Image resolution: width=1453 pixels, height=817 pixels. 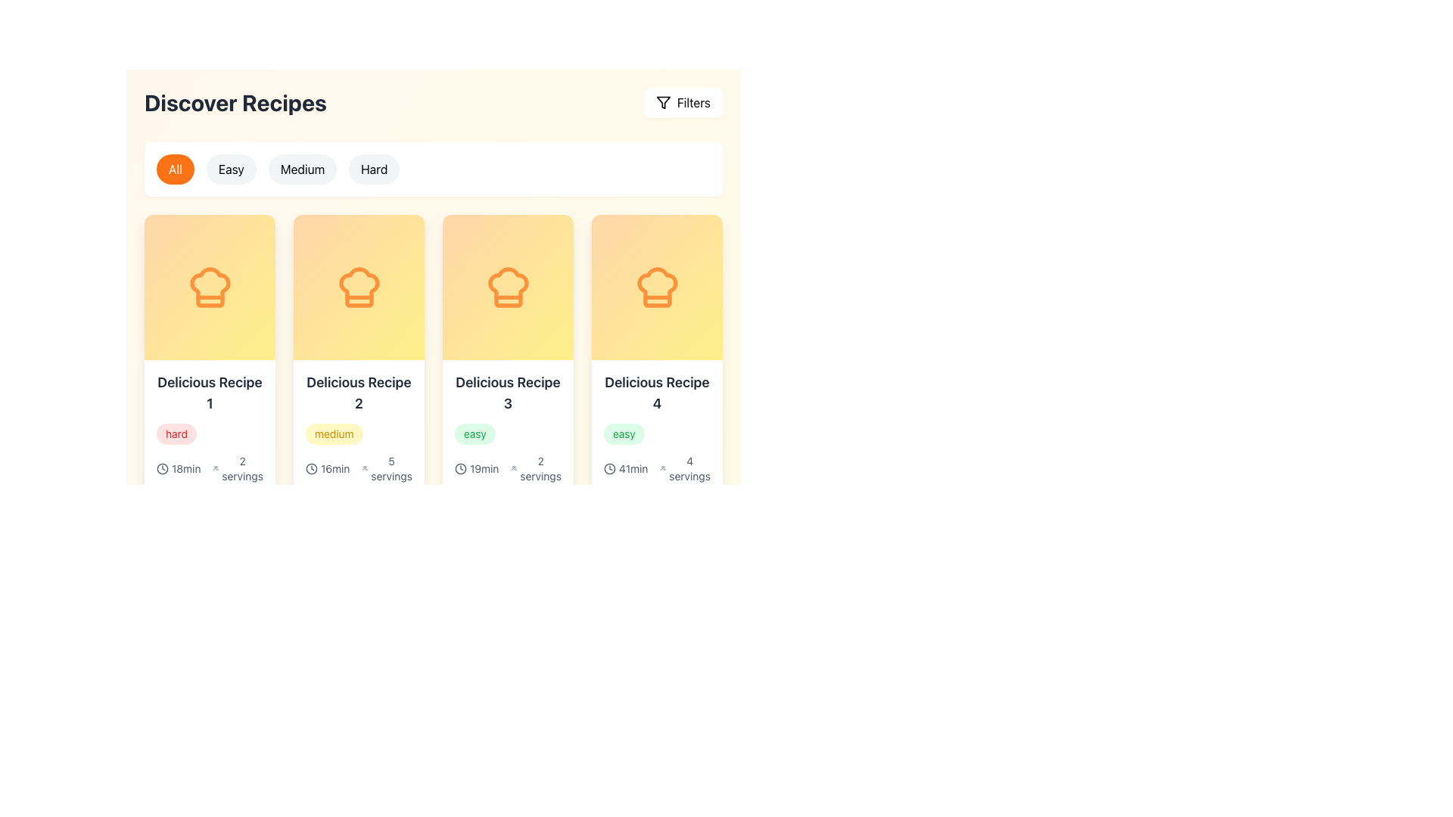 What do you see at coordinates (657, 287) in the screenshot?
I see `the decorative area with an SVG icon in the fourth recipe card, which serves as the header image for 'Delicious Recipe 4'` at bounding box center [657, 287].